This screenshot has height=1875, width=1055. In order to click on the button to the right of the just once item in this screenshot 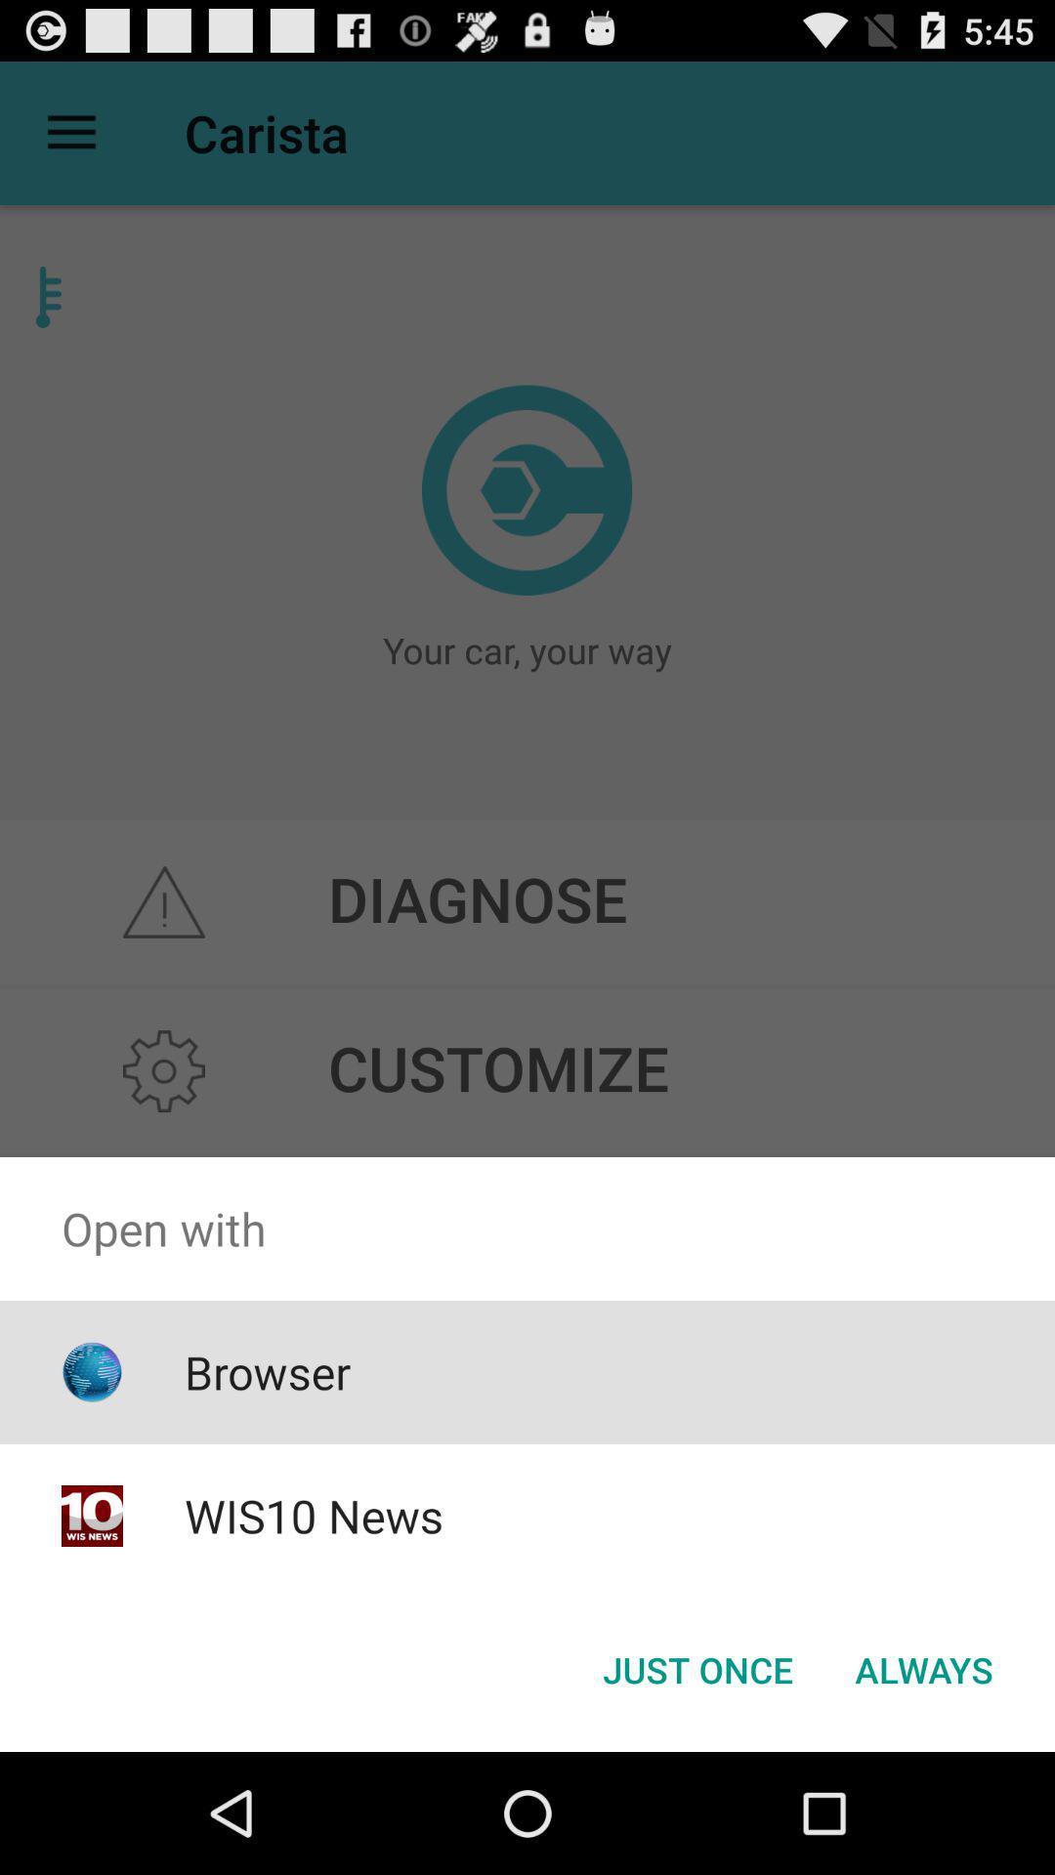, I will do `click(923, 1668)`.